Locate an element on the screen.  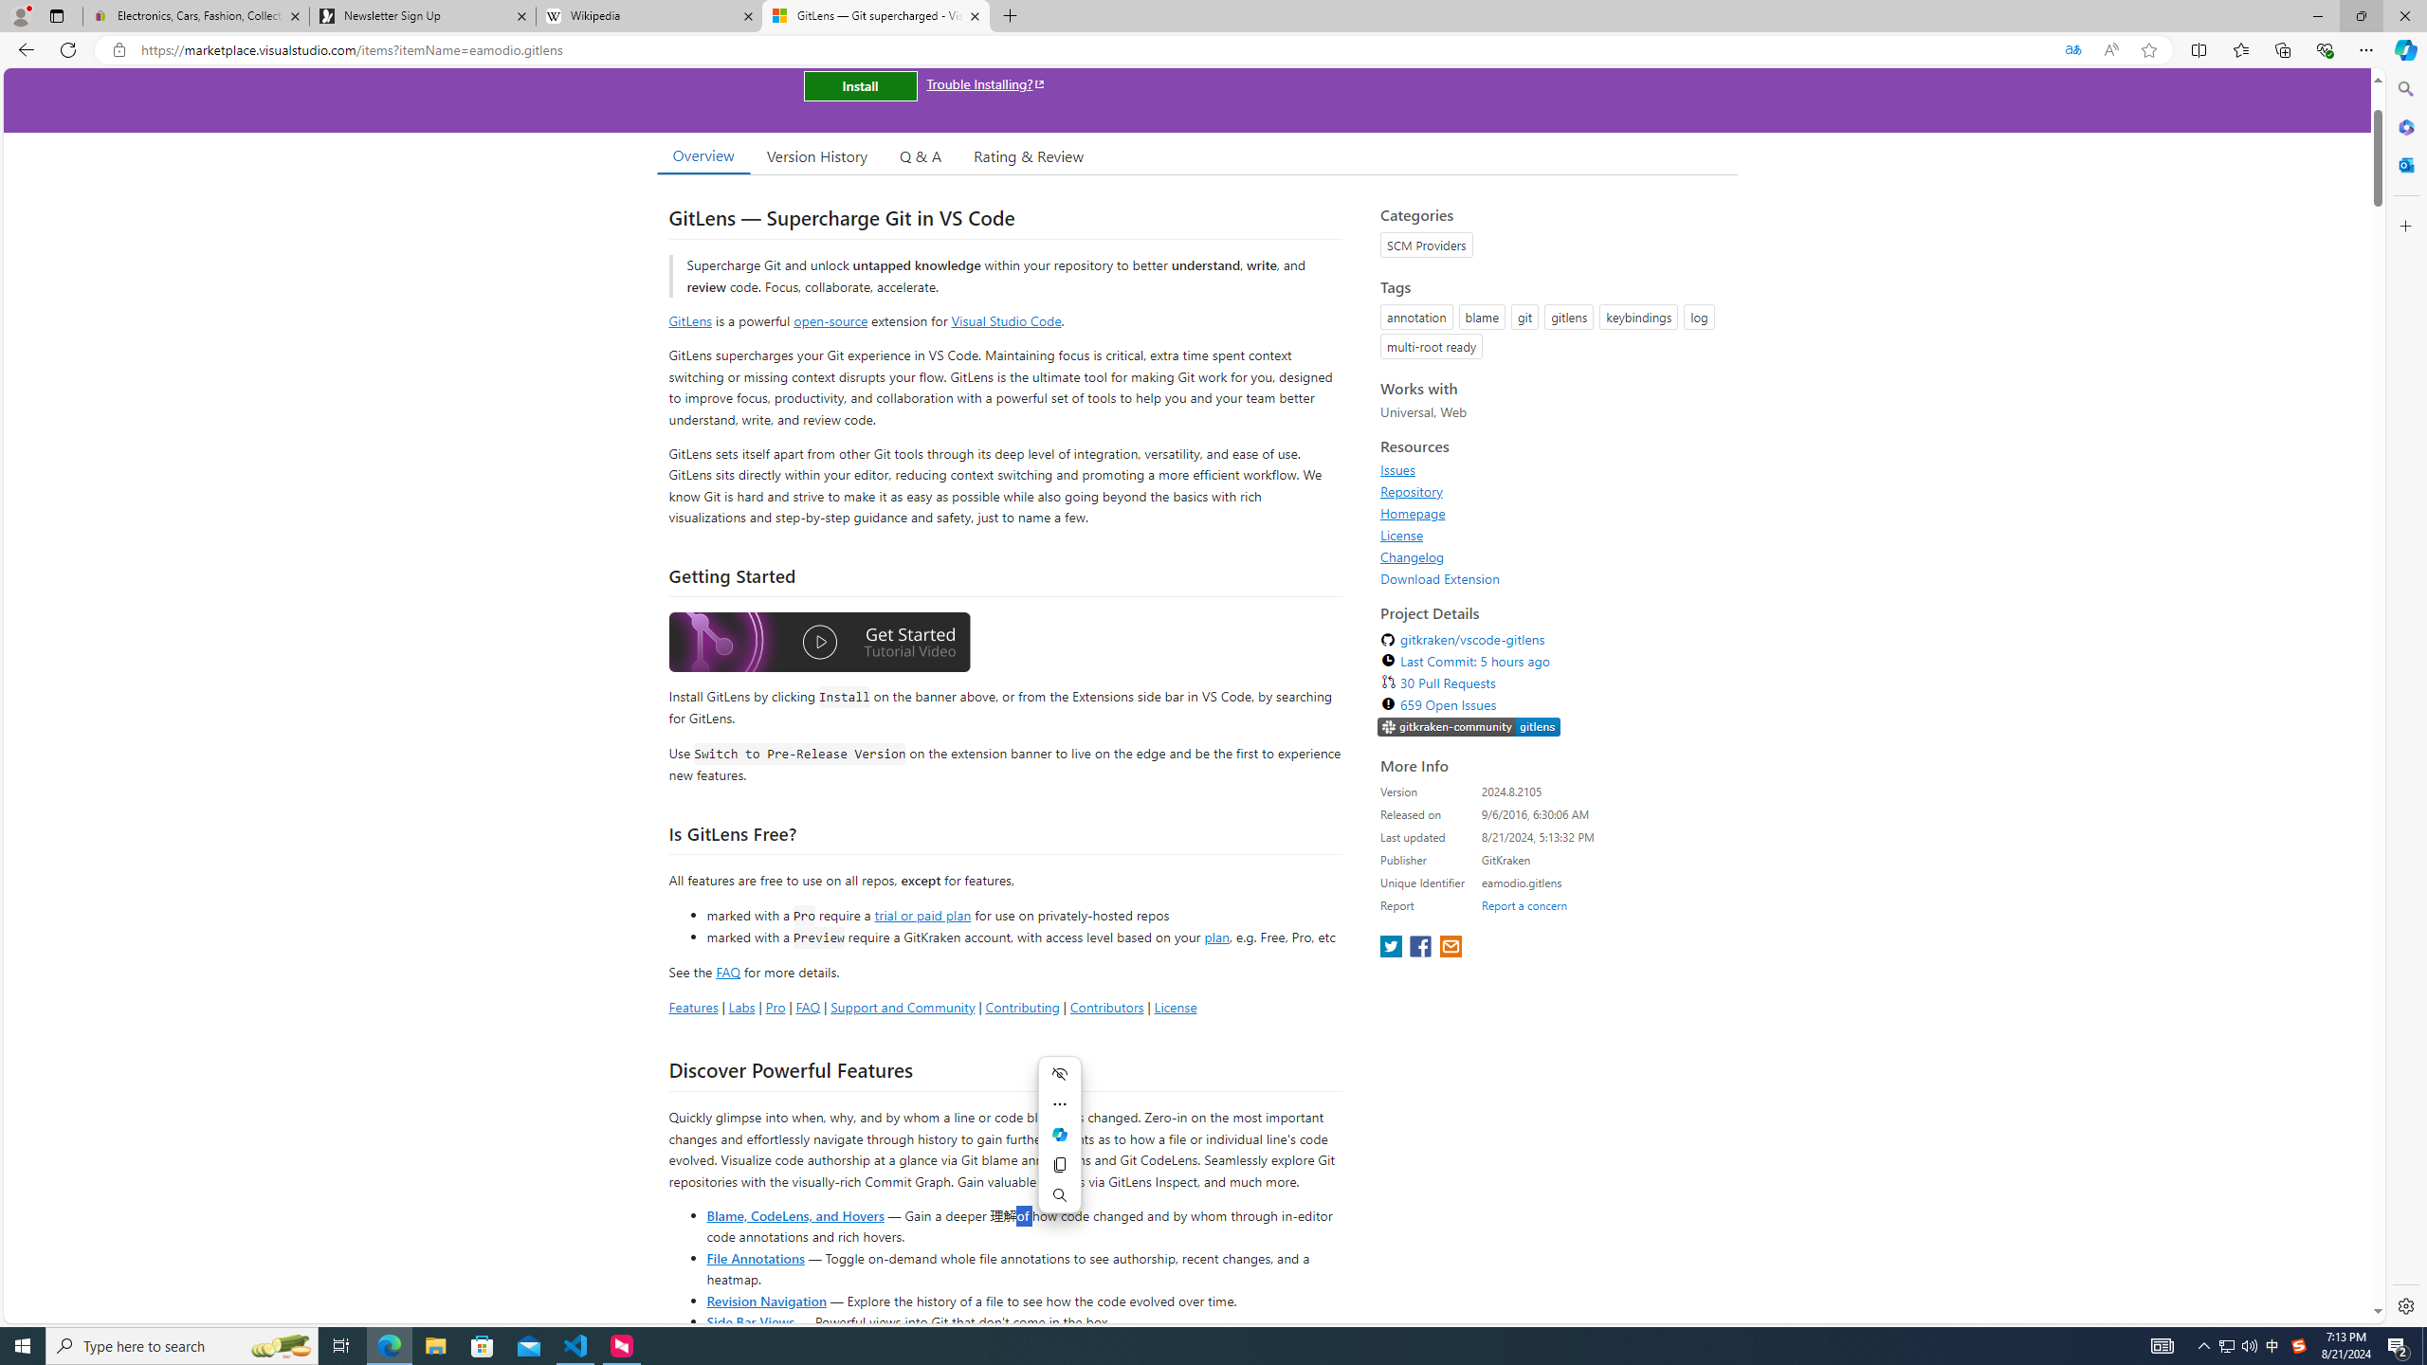
'share extension on twitter' is located at coordinates (1392, 947).